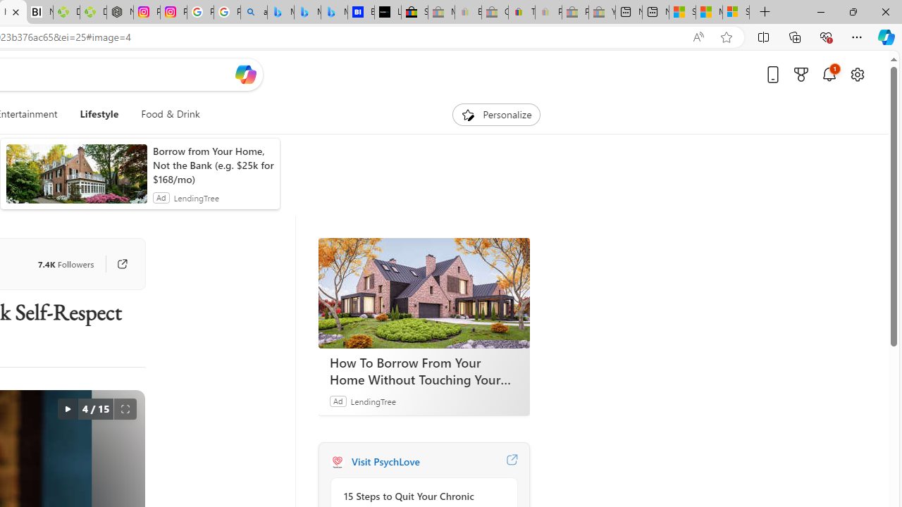 Image resolution: width=902 pixels, height=507 pixels. What do you see at coordinates (66, 409) in the screenshot?
I see `'autorotate button'` at bounding box center [66, 409].